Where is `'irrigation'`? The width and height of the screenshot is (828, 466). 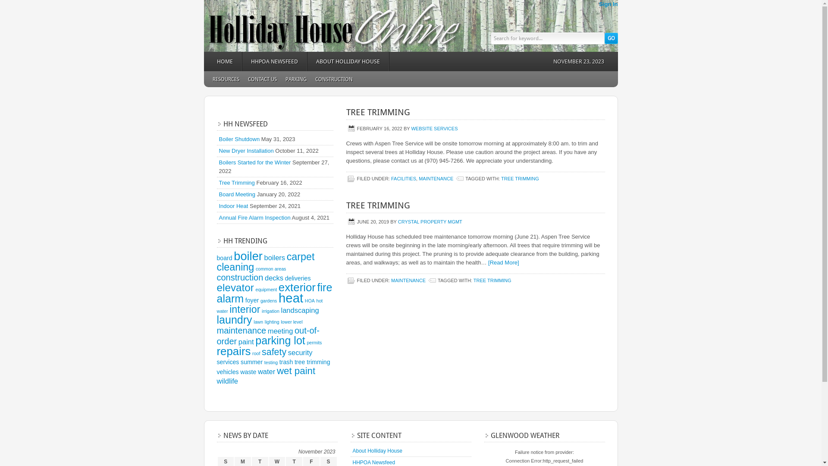 'irrigation' is located at coordinates (270, 311).